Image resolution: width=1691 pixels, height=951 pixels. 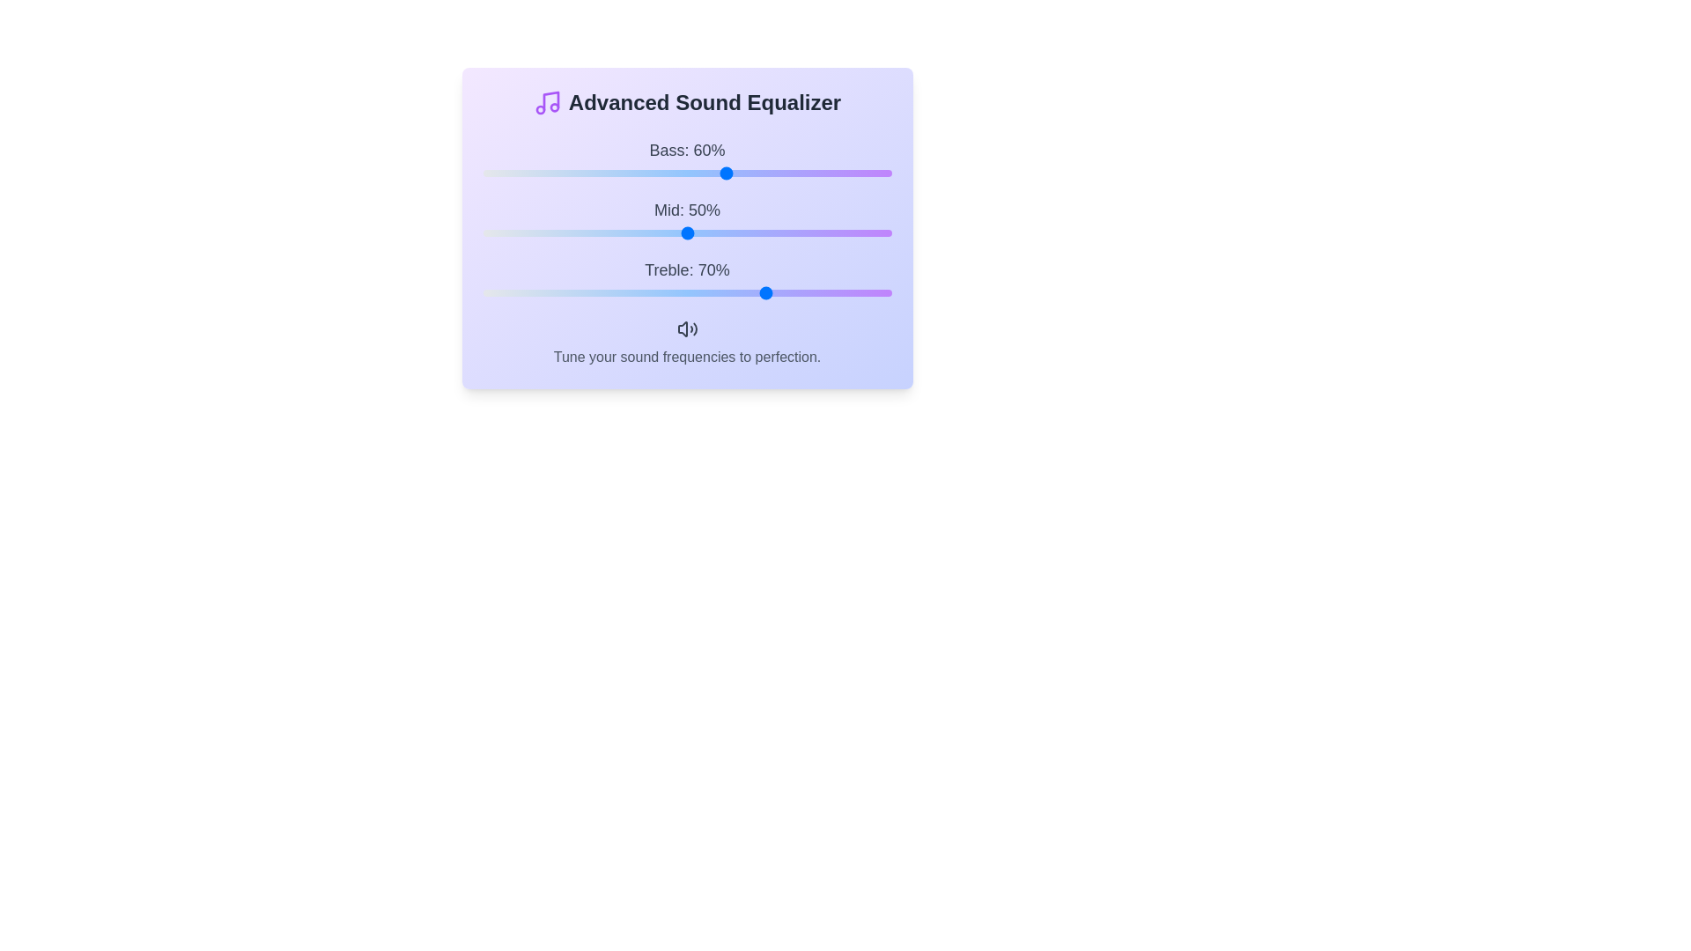 What do you see at coordinates (707, 232) in the screenshot?
I see `the mid frequency slider to 55%` at bounding box center [707, 232].